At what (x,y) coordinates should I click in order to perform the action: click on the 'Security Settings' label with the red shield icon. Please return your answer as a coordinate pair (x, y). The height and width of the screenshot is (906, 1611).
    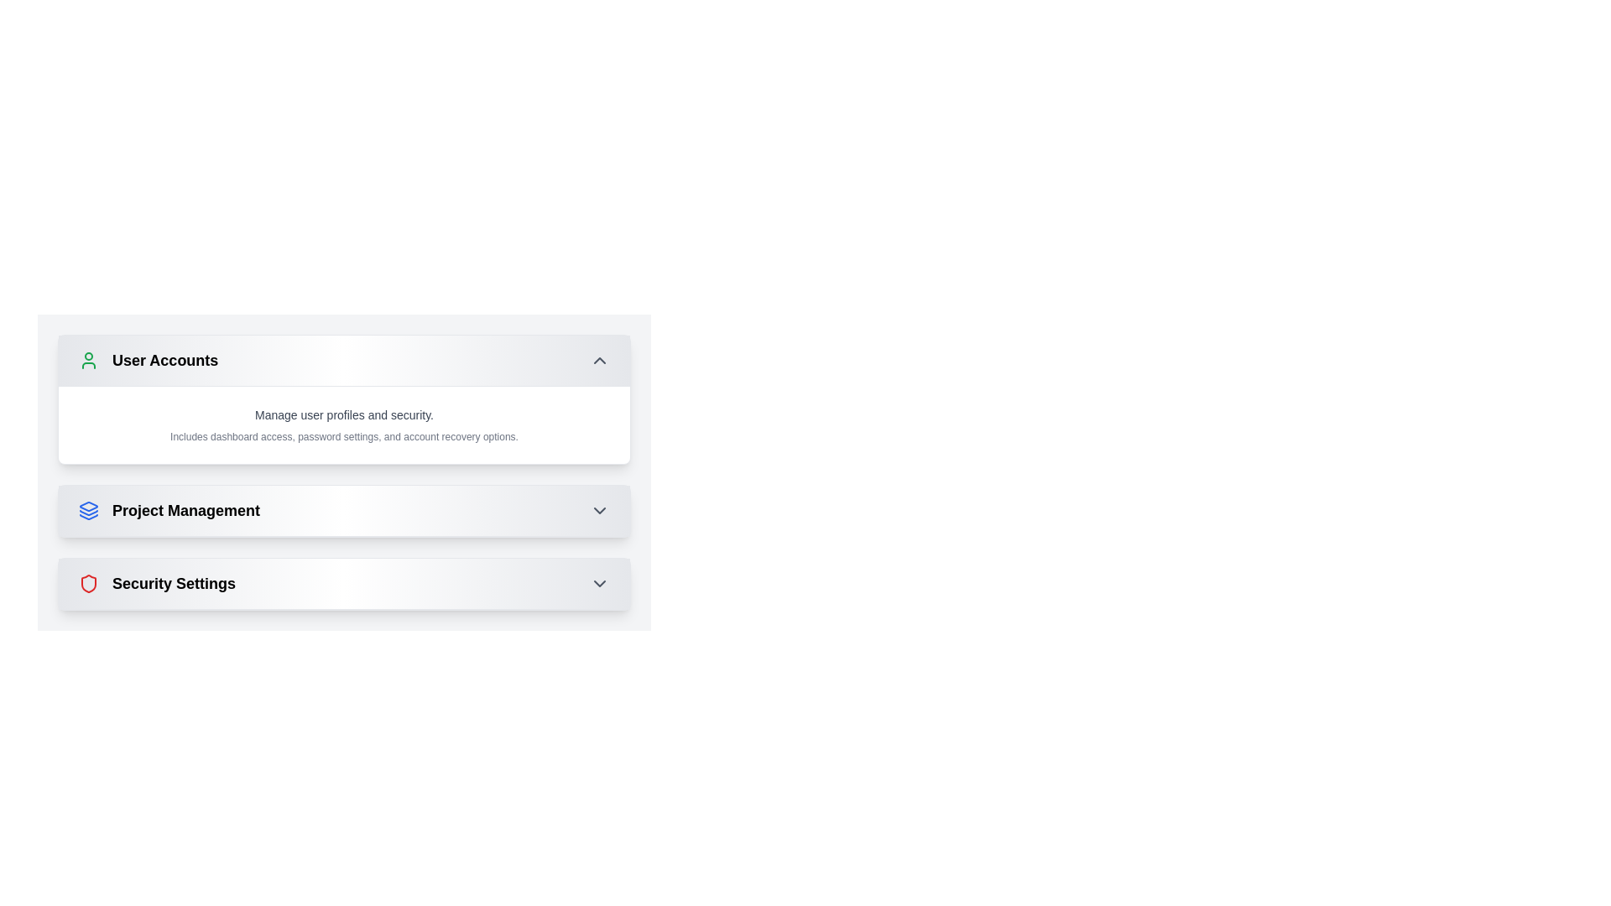
    Looking at the image, I should click on (157, 582).